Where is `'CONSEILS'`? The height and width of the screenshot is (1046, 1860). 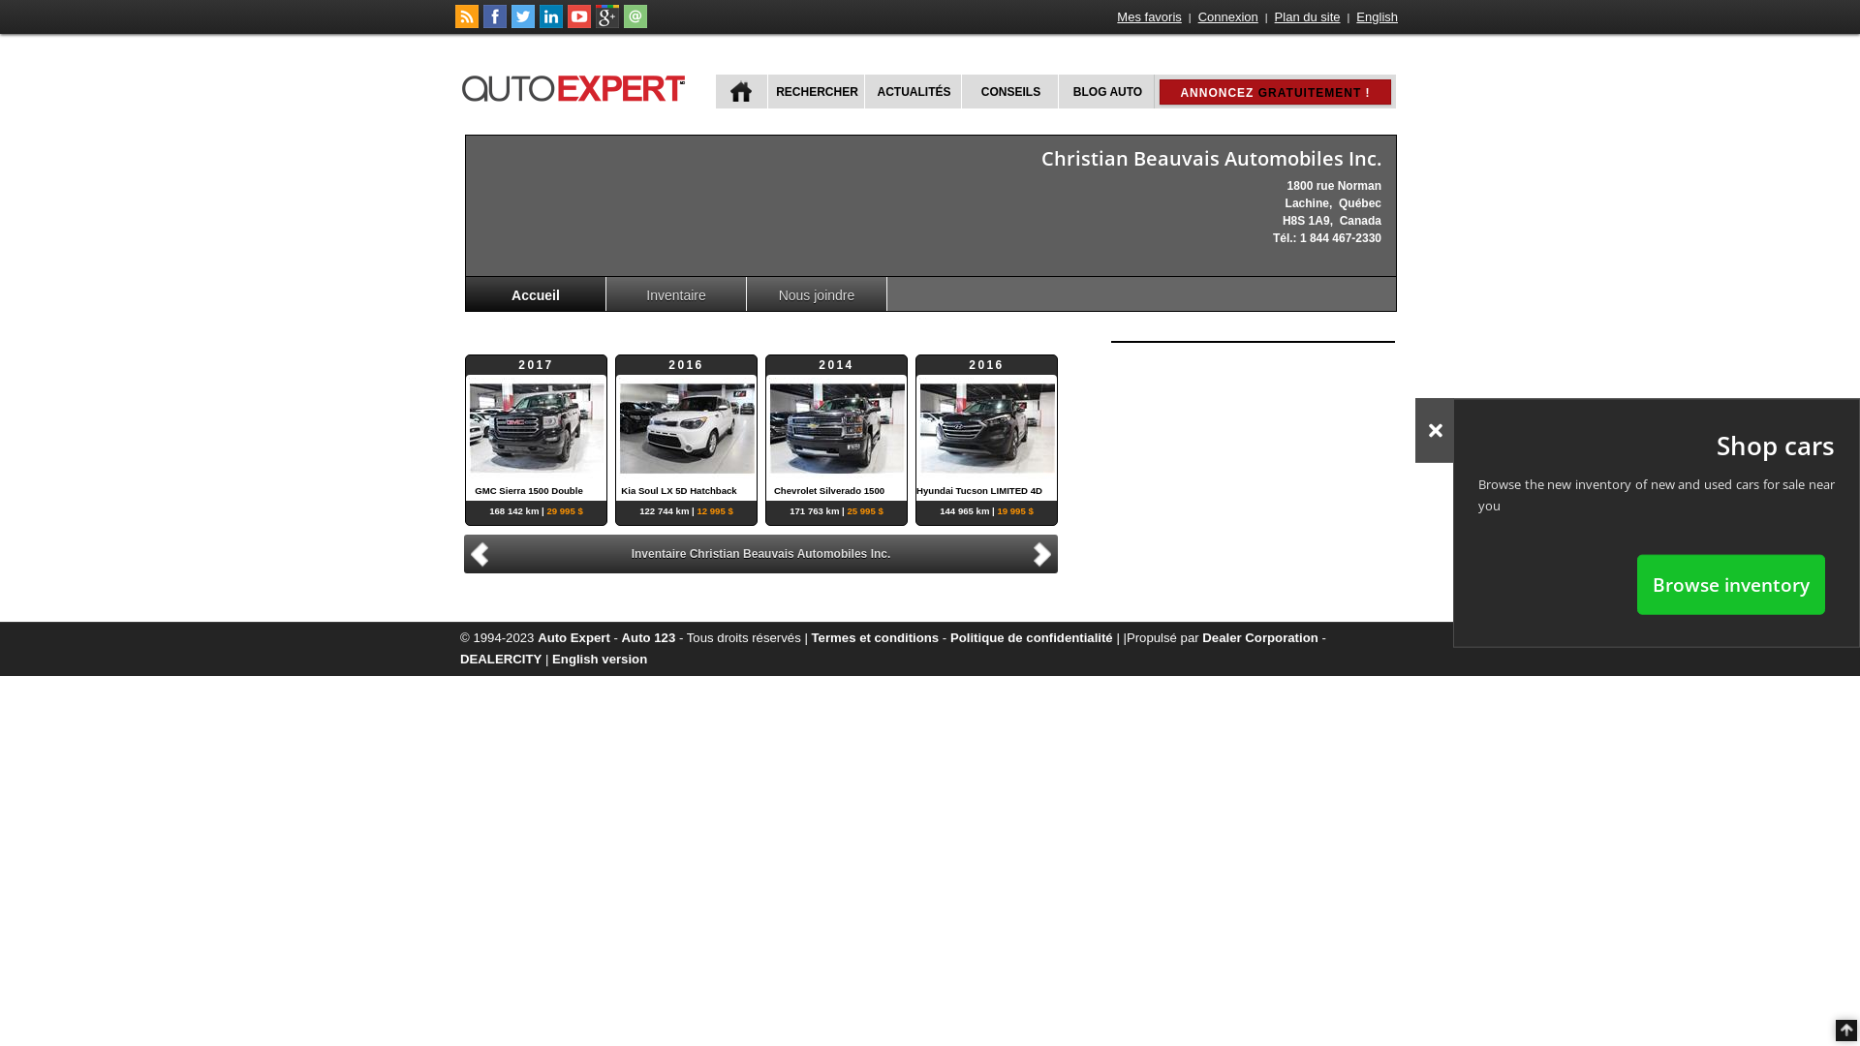
'CONSEILS' is located at coordinates (1007, 91).